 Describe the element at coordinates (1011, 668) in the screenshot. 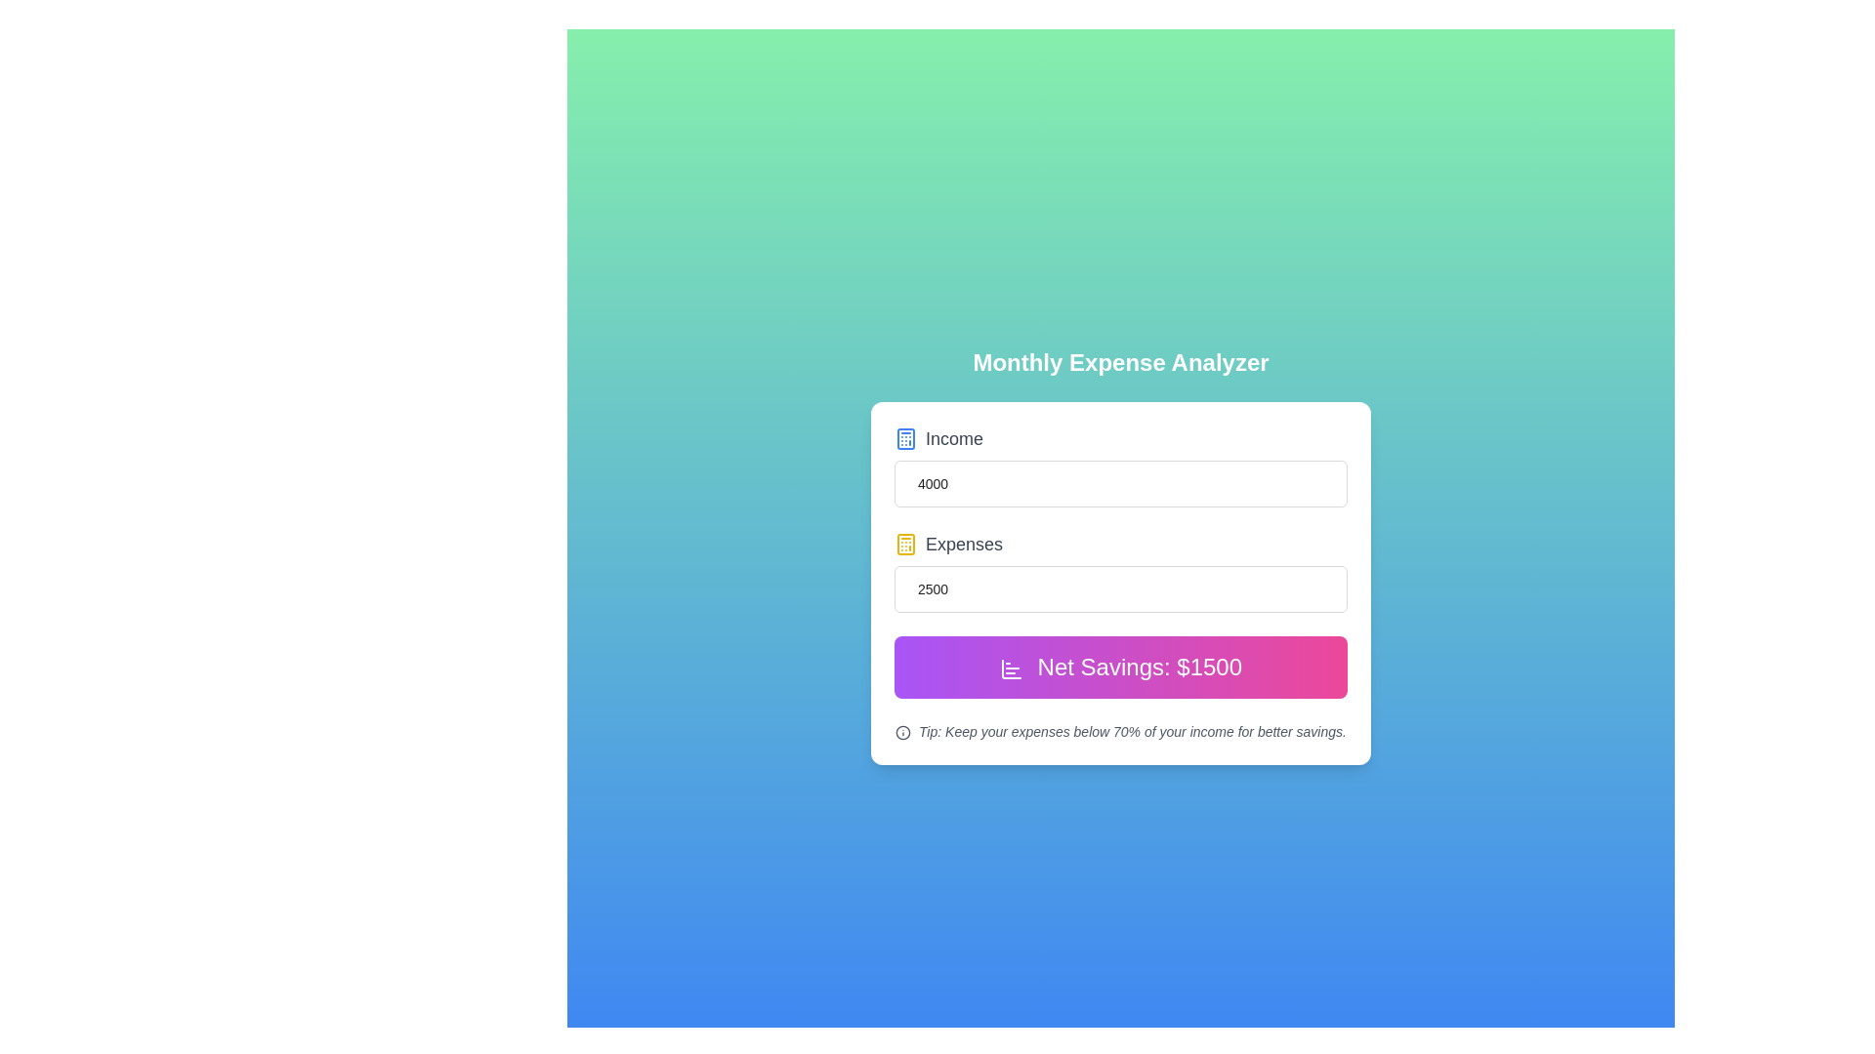

I see `the graphical icon representing the savings chart, which is located to the left of the 'Net Savings' label on the purple button` at that location.